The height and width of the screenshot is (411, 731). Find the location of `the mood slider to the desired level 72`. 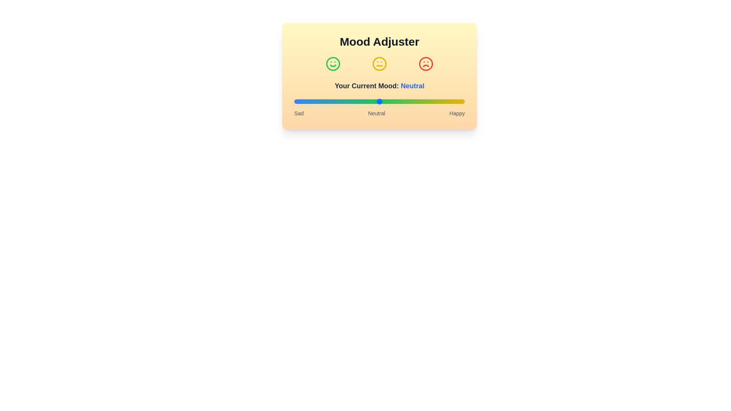

the mood slider to the desired level 72 is located at coordinates (417, 101).